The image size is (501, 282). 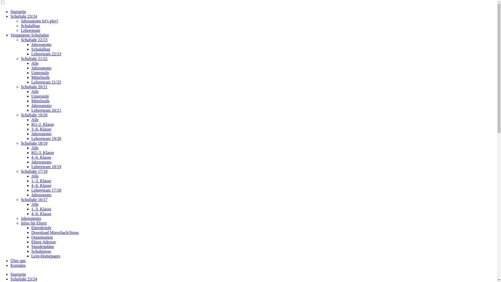 I want to click on 'Elternbriefe', so click(x=41, y=227).